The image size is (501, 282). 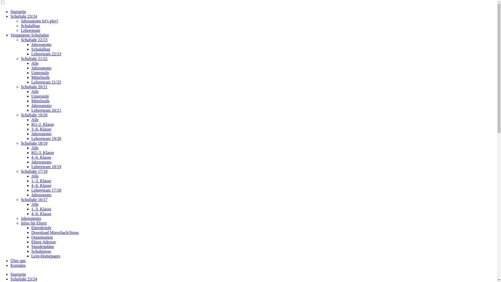 I want to click on 'Elternbriefe', so click(x=41, y=227).